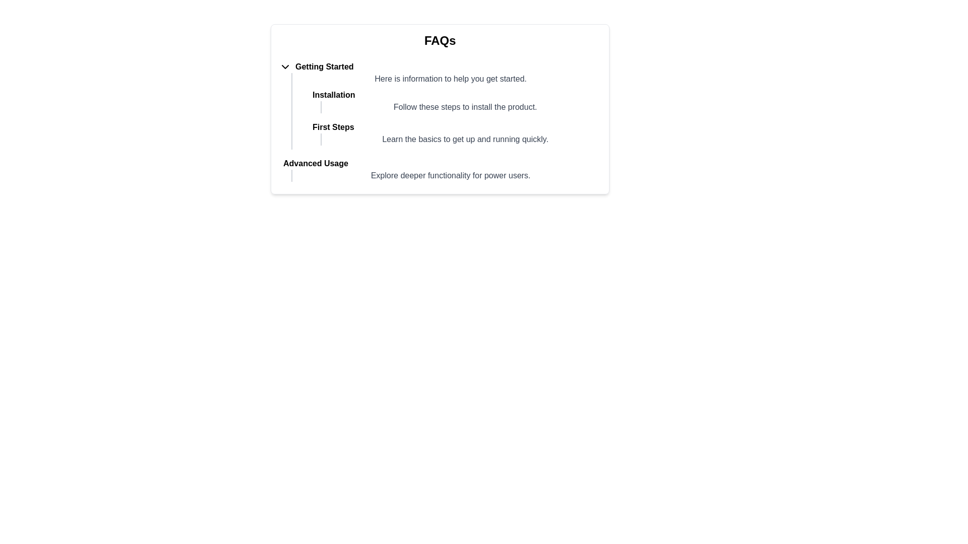 The height and width of the screenshot is (544, 968). I want to click on the downward-pointing arrow icon located to the left of the text 'Getting Started', so click(285, 66).